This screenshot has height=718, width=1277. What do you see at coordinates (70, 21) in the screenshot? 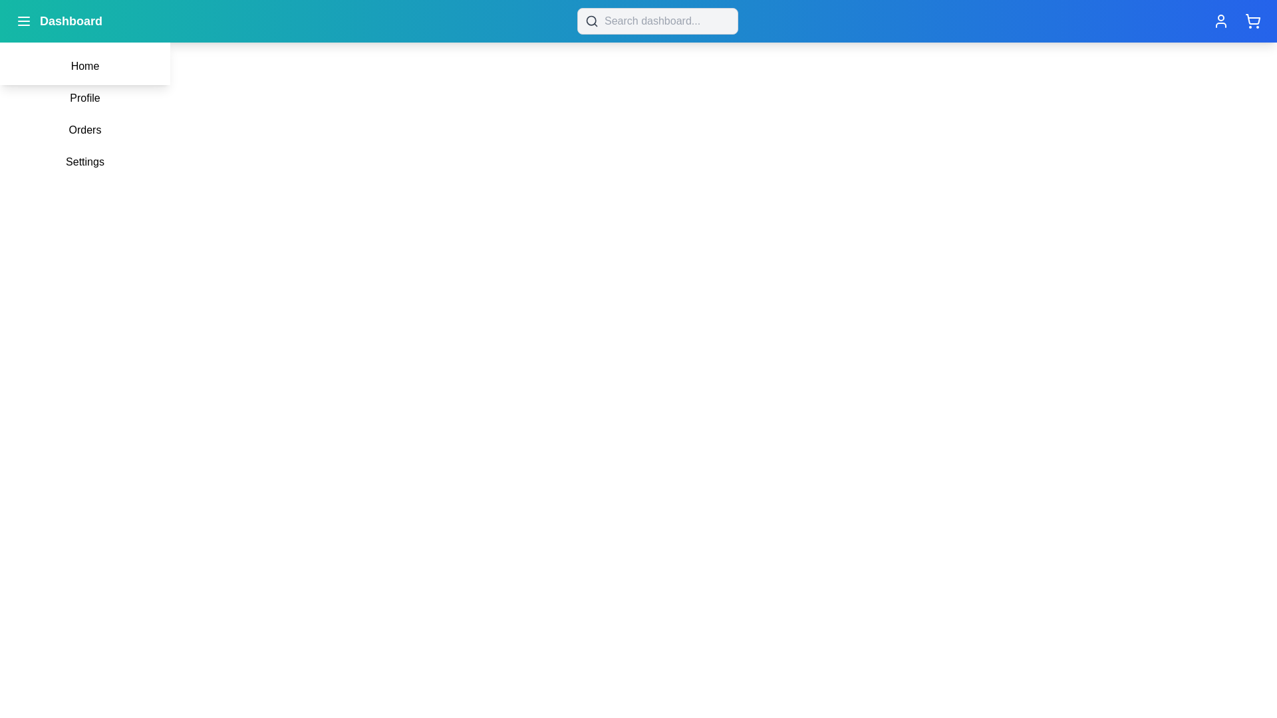
I see `the 'Dashboard' label, which is a bold white text element located in the teal header bar, positioned to the right of the three horizontal lines icon` at bounding box center [70, 21].